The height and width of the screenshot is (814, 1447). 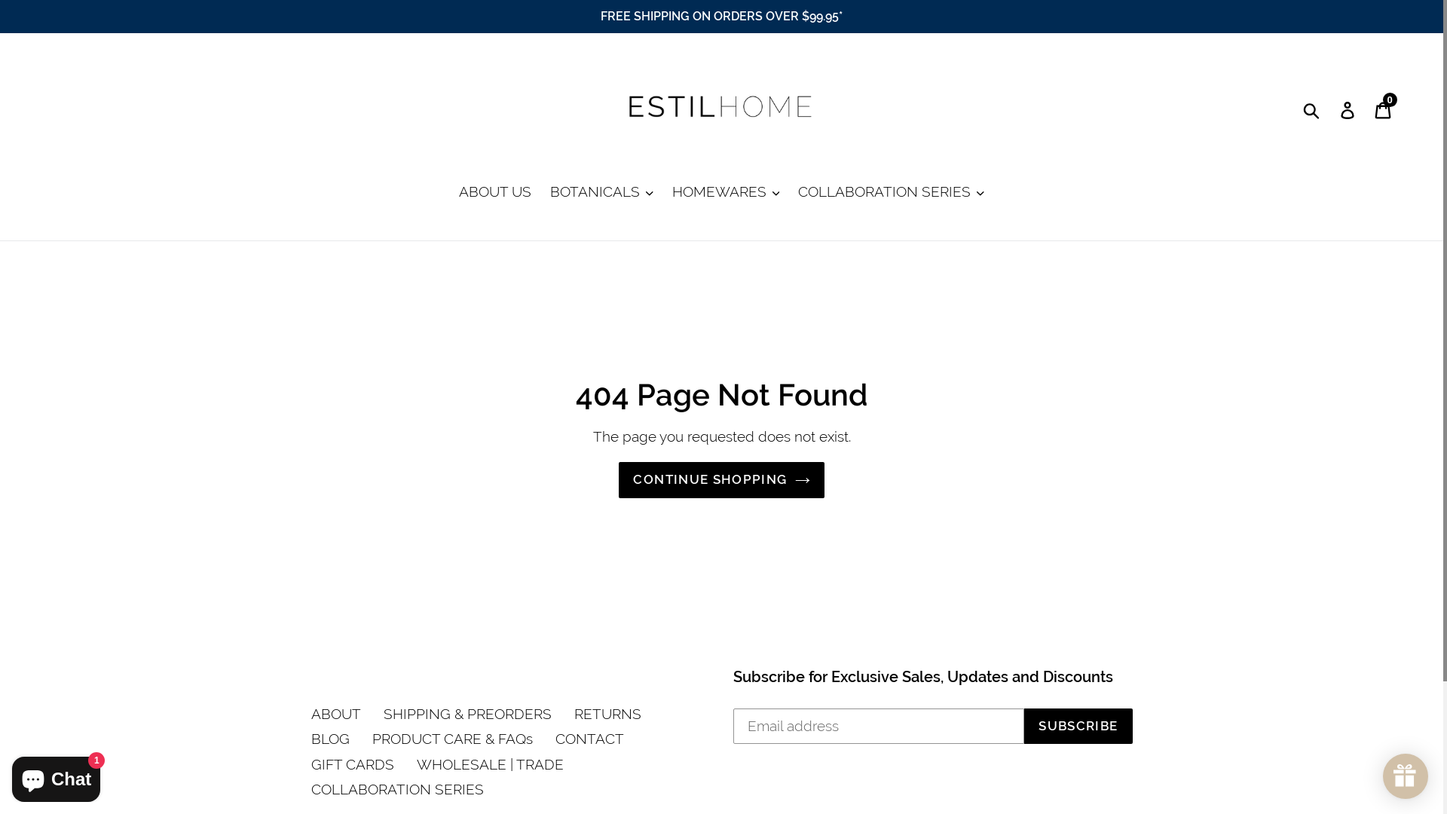 What do you see at coordinates (720, 479) in the screenshot?
I see `'CONTINUE SHOPPING'` at bounding box center [720, 479].